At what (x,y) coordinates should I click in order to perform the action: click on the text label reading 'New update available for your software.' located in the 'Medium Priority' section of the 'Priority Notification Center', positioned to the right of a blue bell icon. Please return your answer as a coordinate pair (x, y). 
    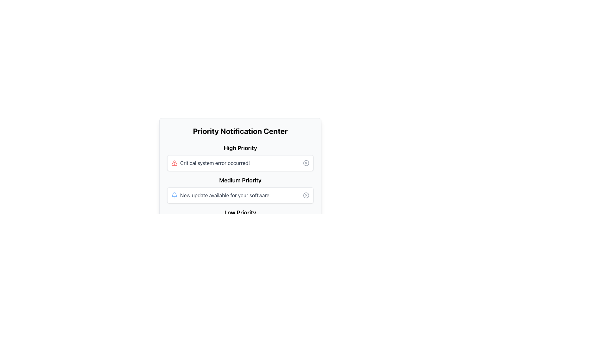
    Looking at the image, I should click on (225, 195).